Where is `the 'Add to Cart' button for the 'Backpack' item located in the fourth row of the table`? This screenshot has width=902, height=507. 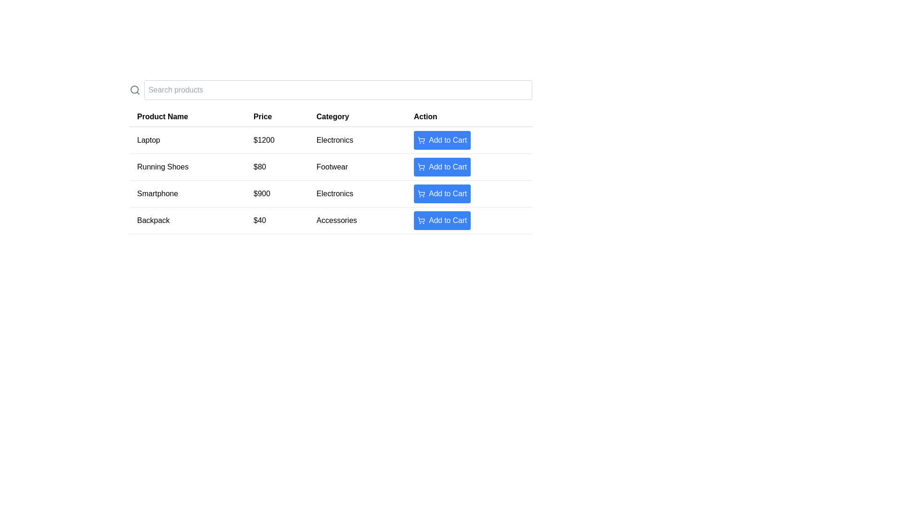 the 'Add to Cart' button for the 'Backpack' item located in the fourth row of the table is located at coordinates (442, 221).